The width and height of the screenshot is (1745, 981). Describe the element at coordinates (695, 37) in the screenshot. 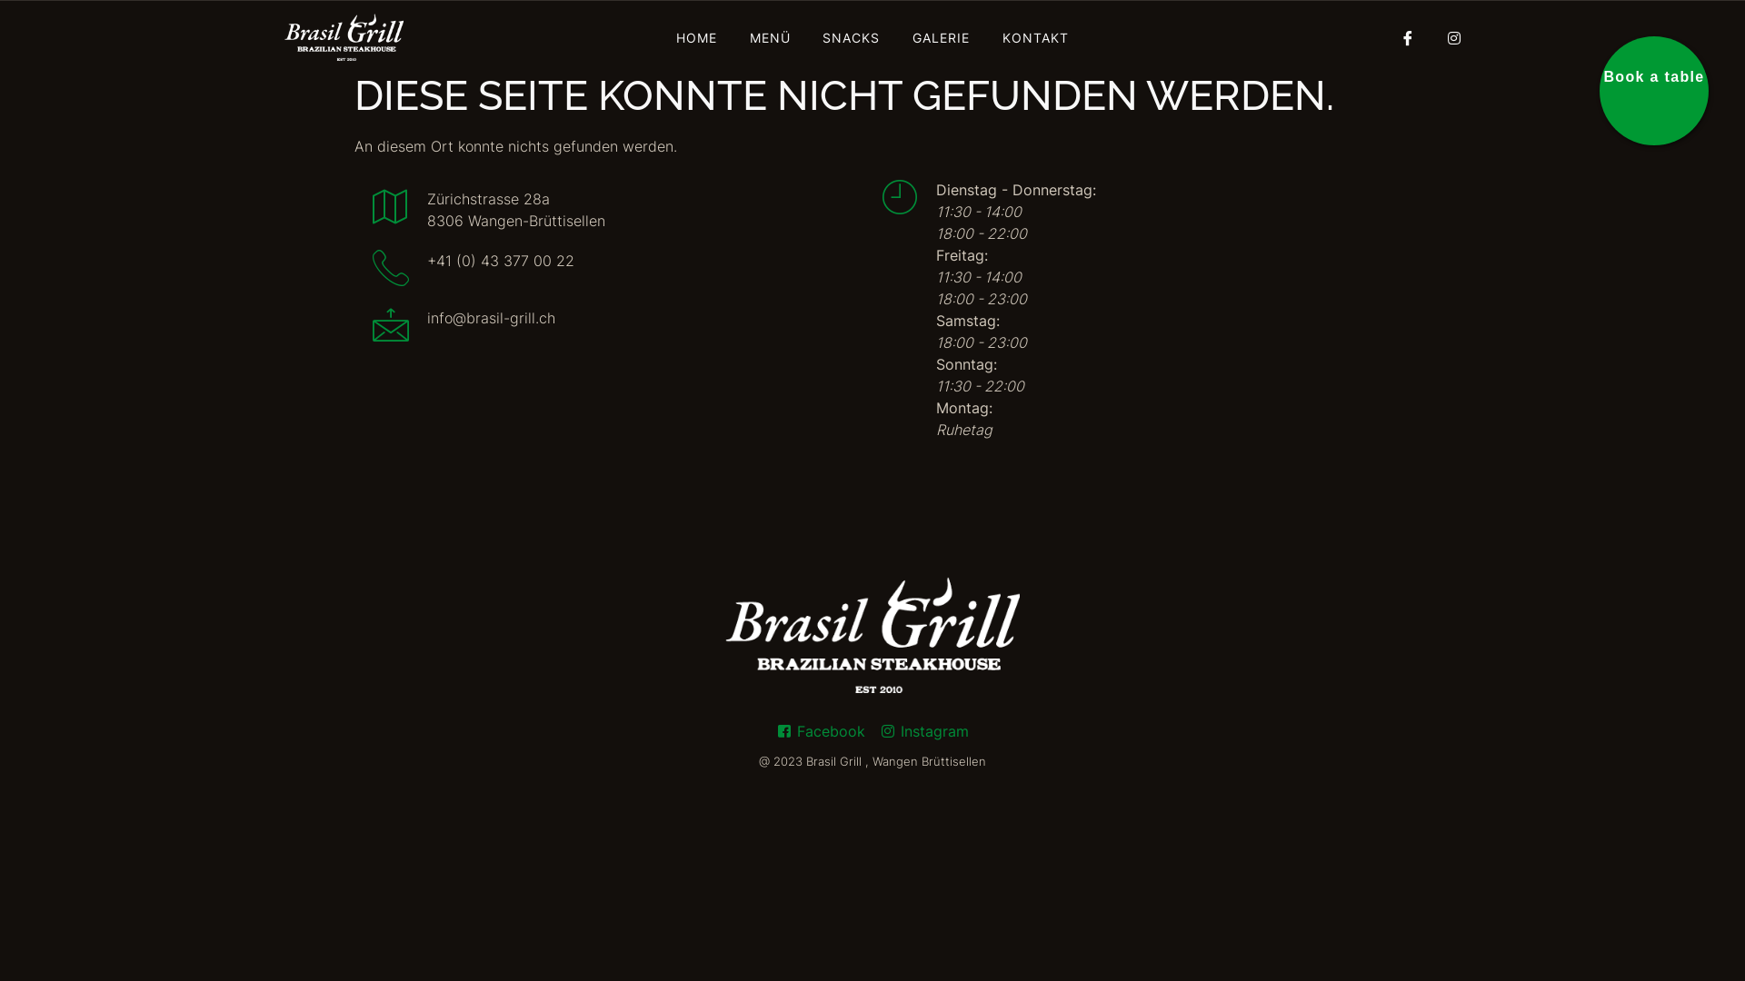

I see `'HOME'` at that location.